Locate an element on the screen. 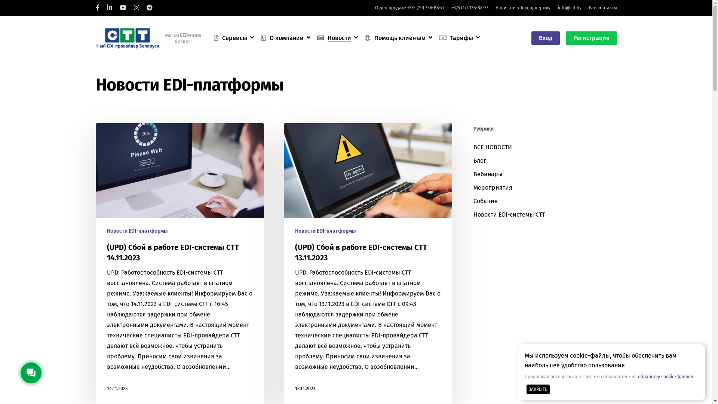 The image size is (718, 404). 'linkedin' is located at coordinates (109, 7).